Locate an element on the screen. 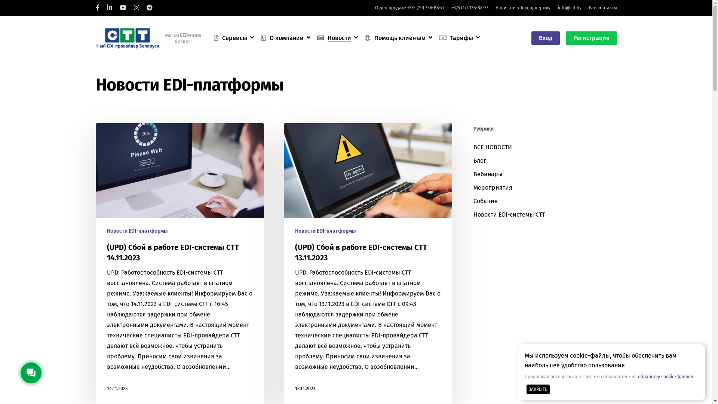 The image size is (718, 404). 'linkedin' is located at coordinates (109, 7).